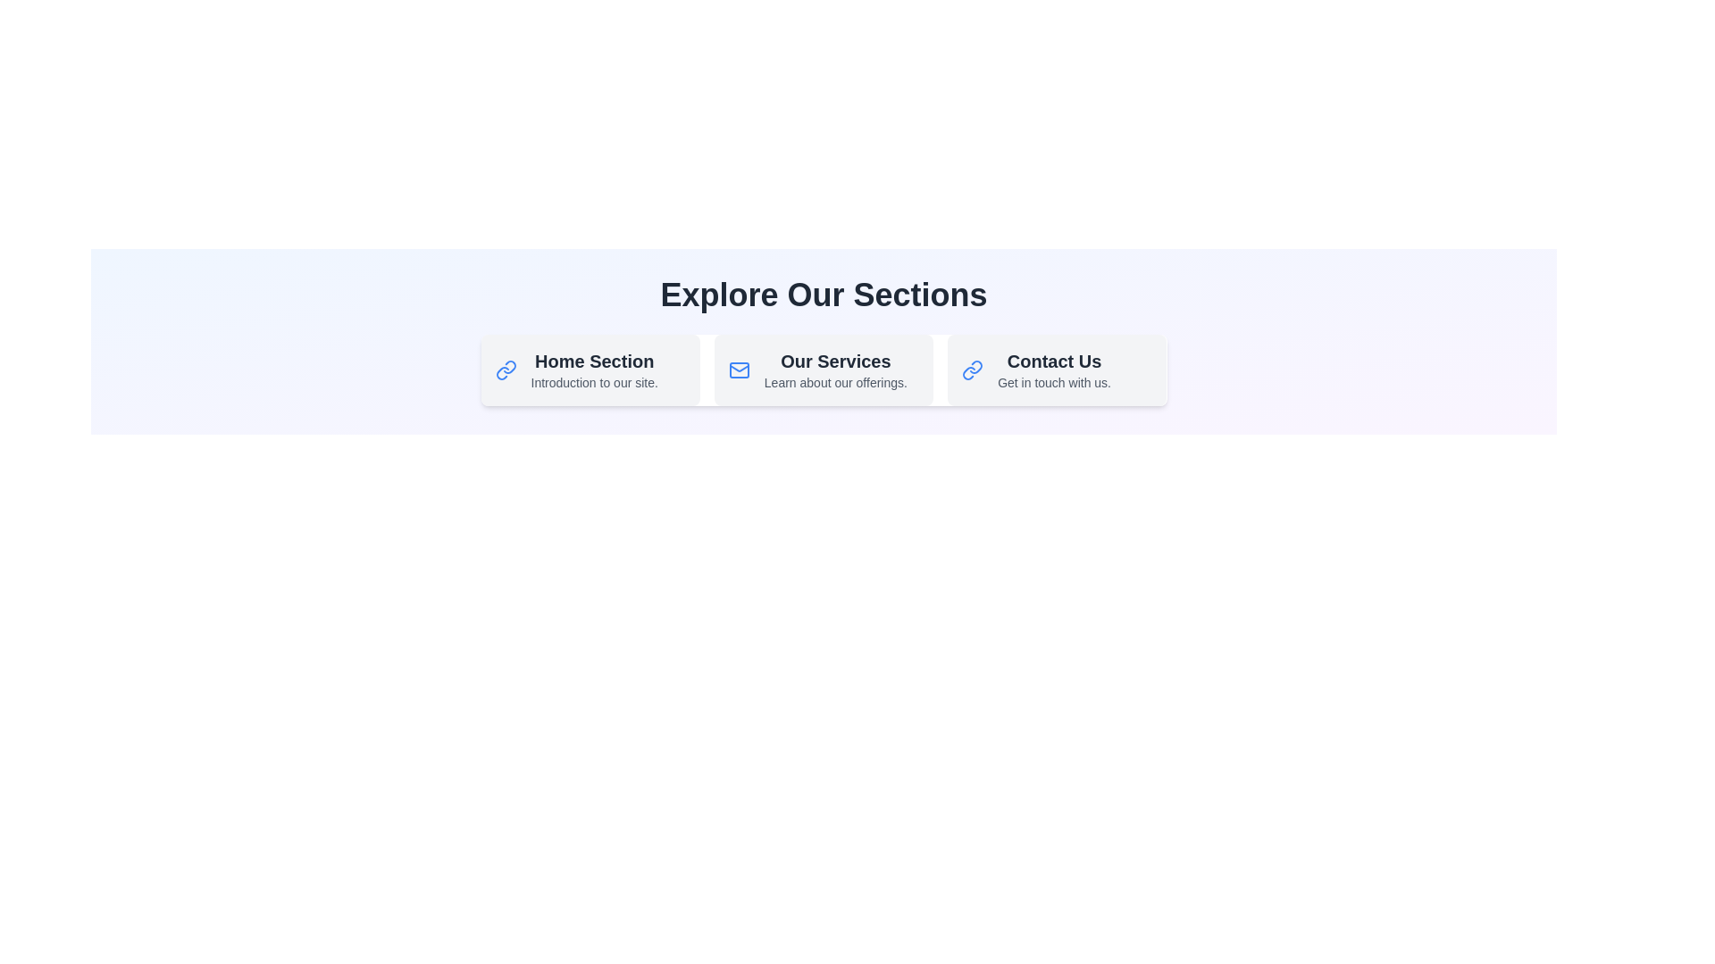  Describe the element at coordinates (834, 381) in the screenshot. I see `the text element that contains the phrase 'Learn about our offerings.' positioned beneath the 'Our Services' section title` at that location.